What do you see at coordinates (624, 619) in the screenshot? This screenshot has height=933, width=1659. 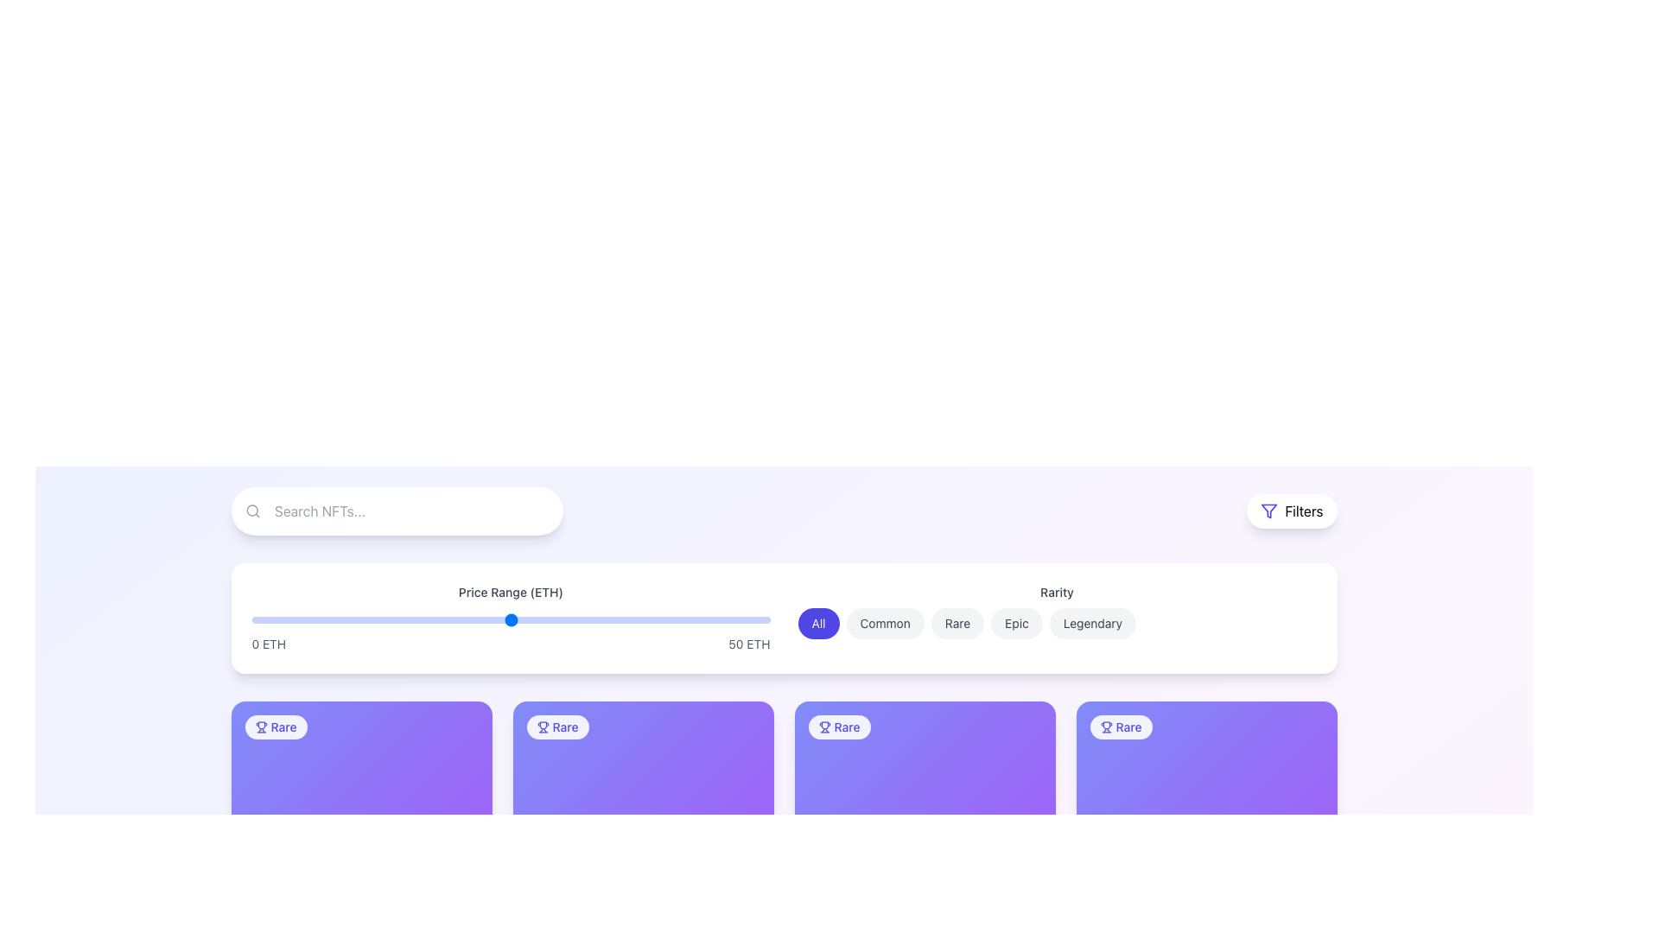 I see `the slider value` at bounding box center [624, 619].